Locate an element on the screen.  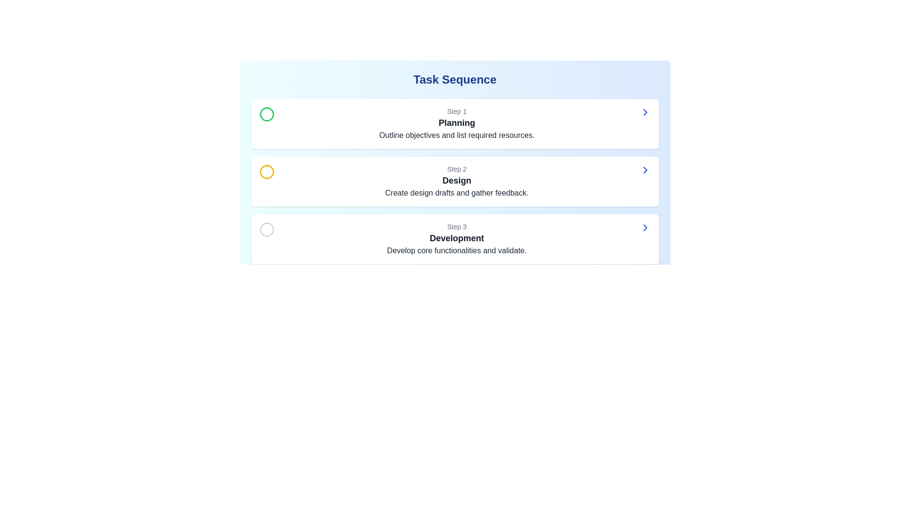
the navigation icon located at the rightmost side of the 'Step 3 Development' card, which indicates further details or actions related to this step is located at coordinates (645, 228).